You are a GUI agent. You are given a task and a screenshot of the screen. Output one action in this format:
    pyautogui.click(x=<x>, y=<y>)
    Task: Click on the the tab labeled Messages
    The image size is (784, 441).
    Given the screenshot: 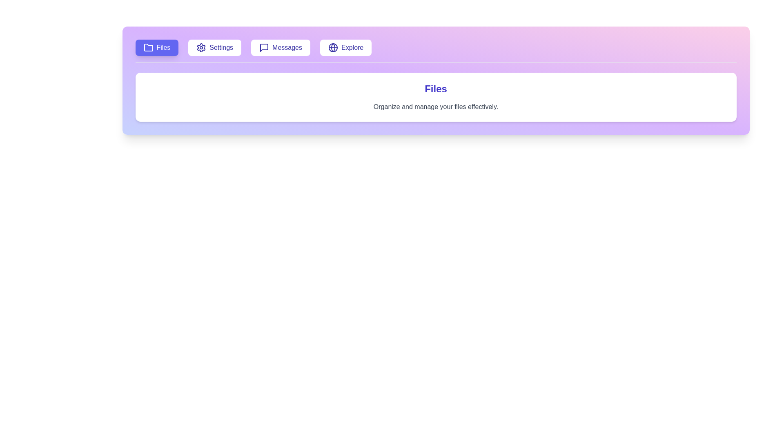 What is the action you would take?
    pyautogui.click(x=281, y=47)
    